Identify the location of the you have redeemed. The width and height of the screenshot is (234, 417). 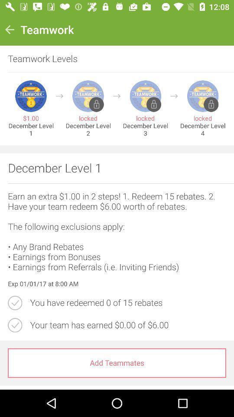
(127, 303).